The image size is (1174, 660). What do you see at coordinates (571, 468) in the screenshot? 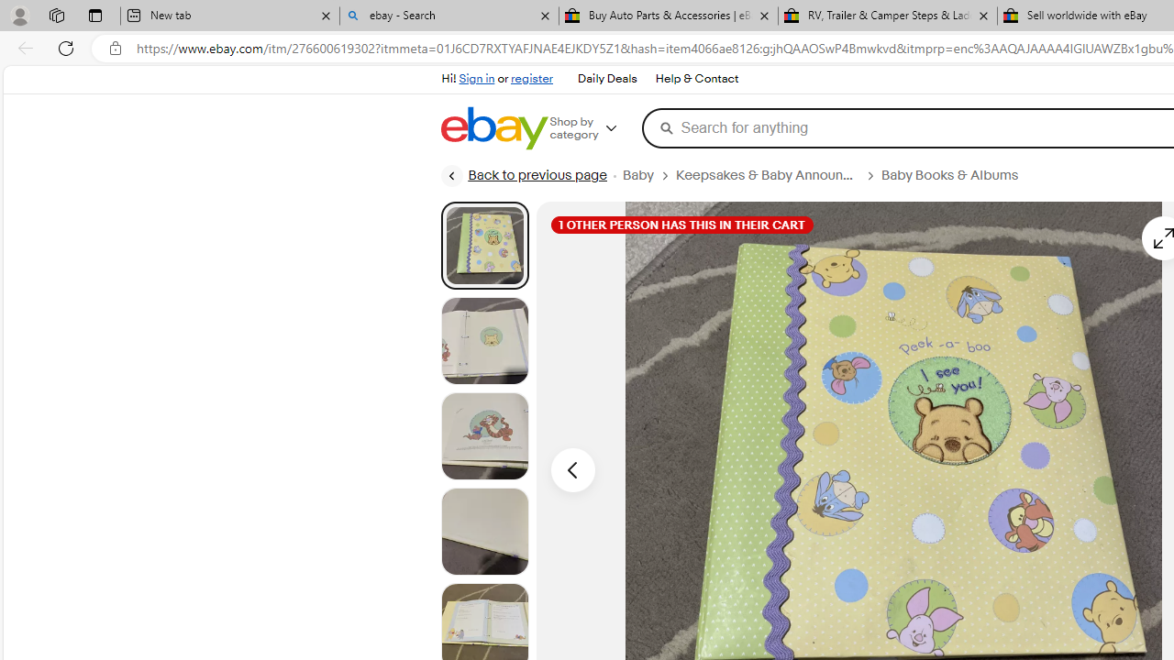
I see `'Previous image - Item images thumbnails'` at bounding box center [571, 468].